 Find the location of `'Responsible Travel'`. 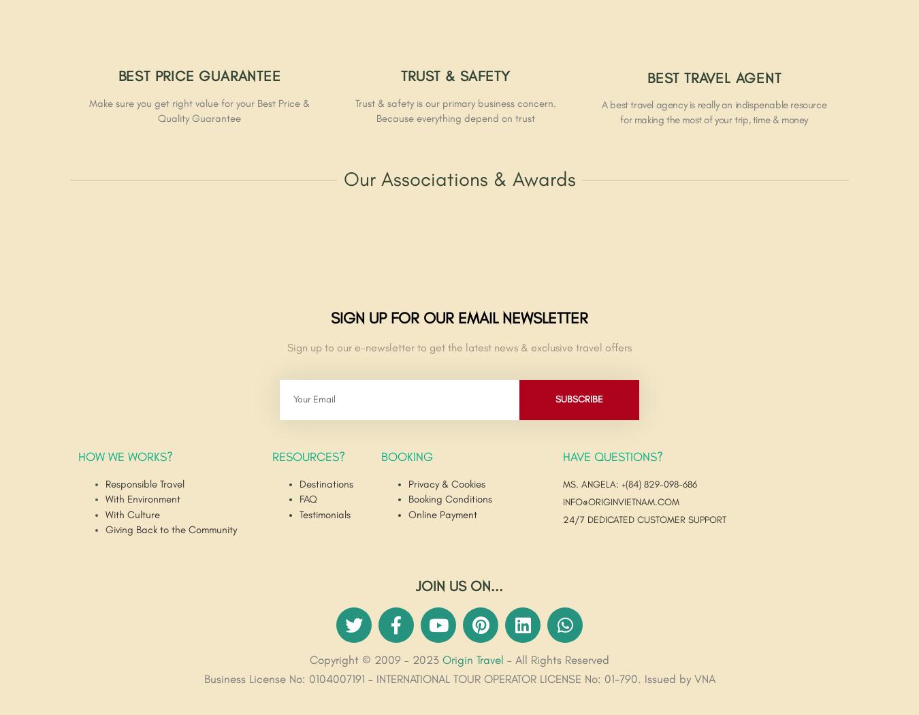

'Responsible Travel' is located at coordinates (145, 483).